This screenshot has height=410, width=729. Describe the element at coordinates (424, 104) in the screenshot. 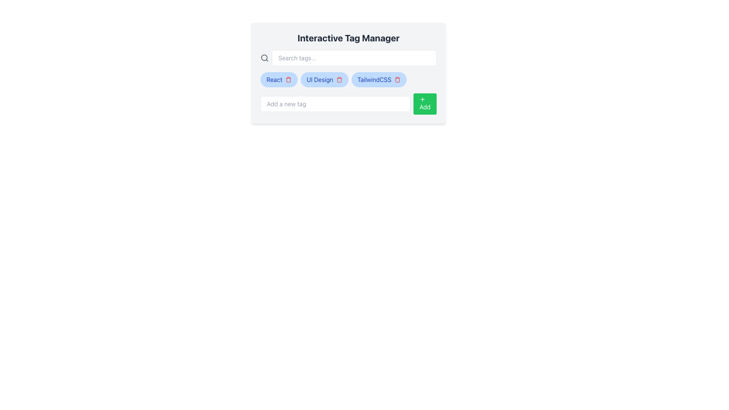

I see `the green 'Add' button with rounded corners and a '+' icon` at that location.